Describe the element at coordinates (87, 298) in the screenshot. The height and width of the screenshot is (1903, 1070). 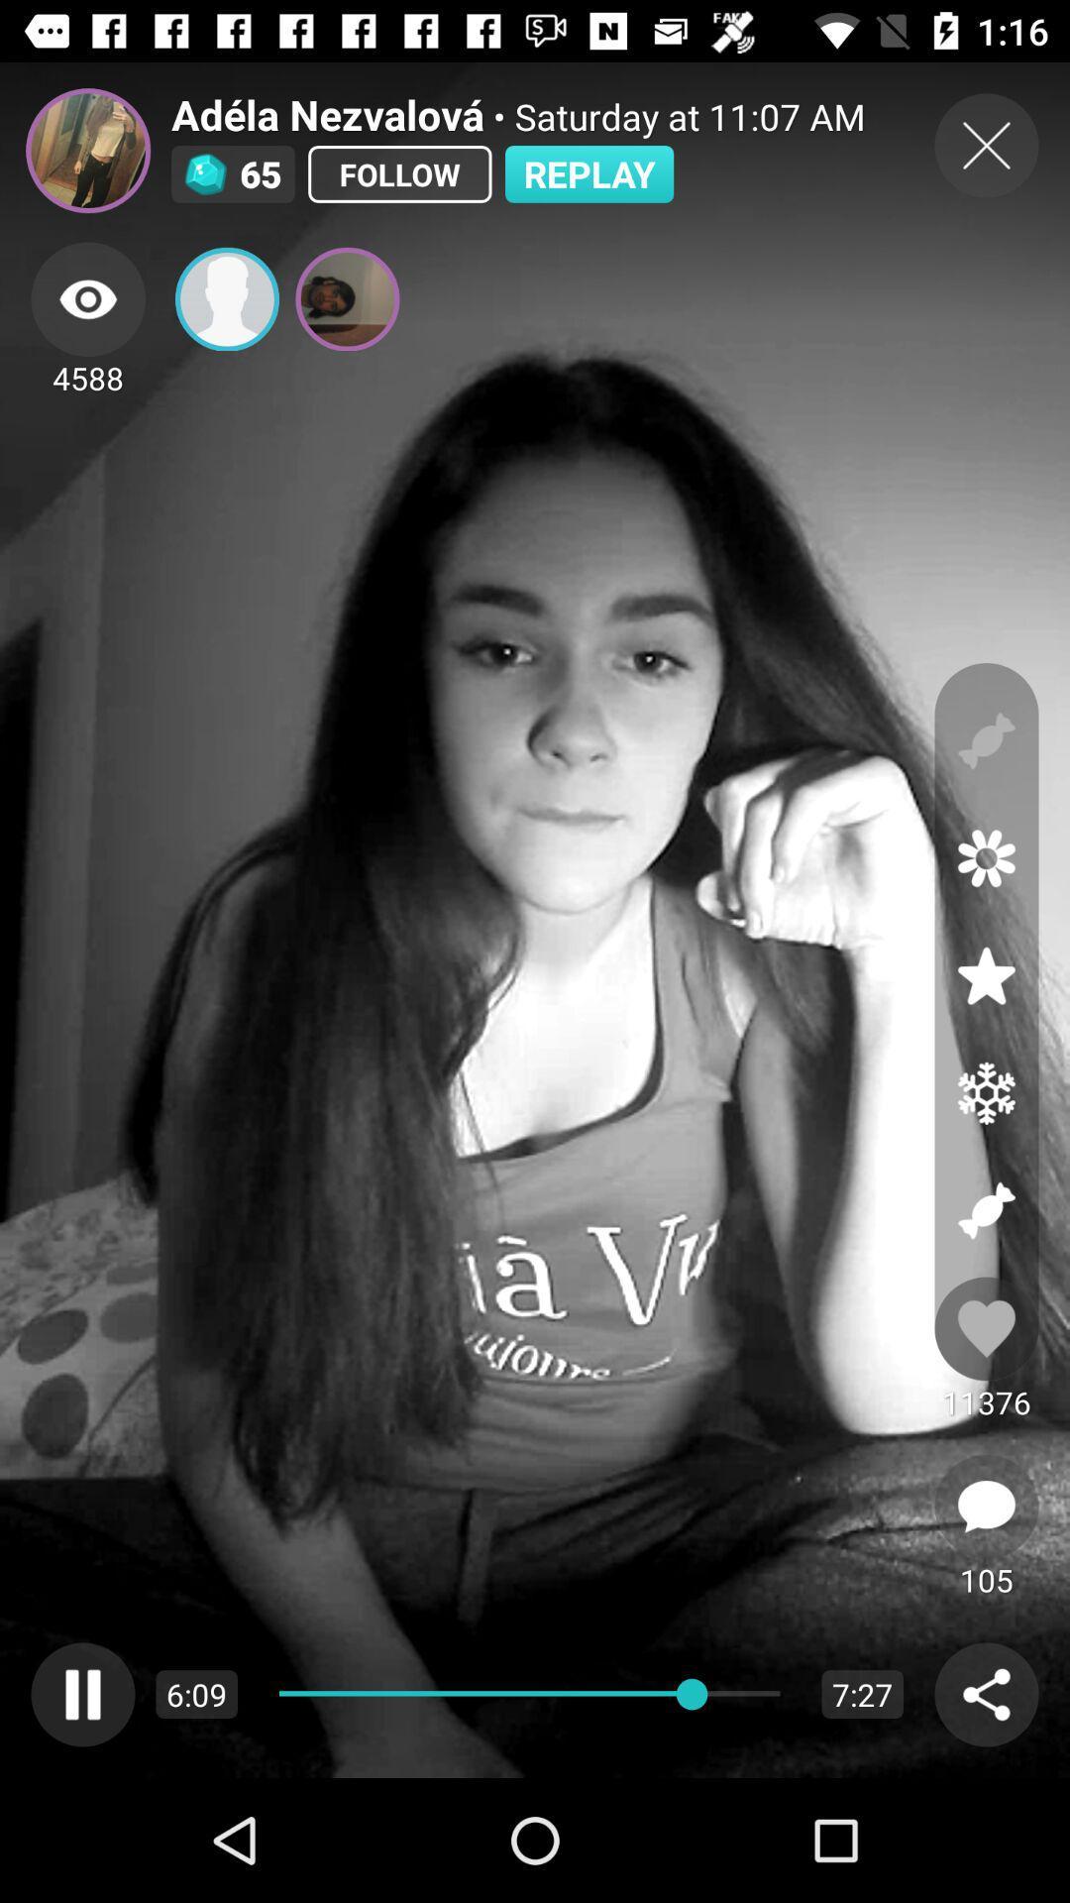
I see `the visibility icon` at that location.